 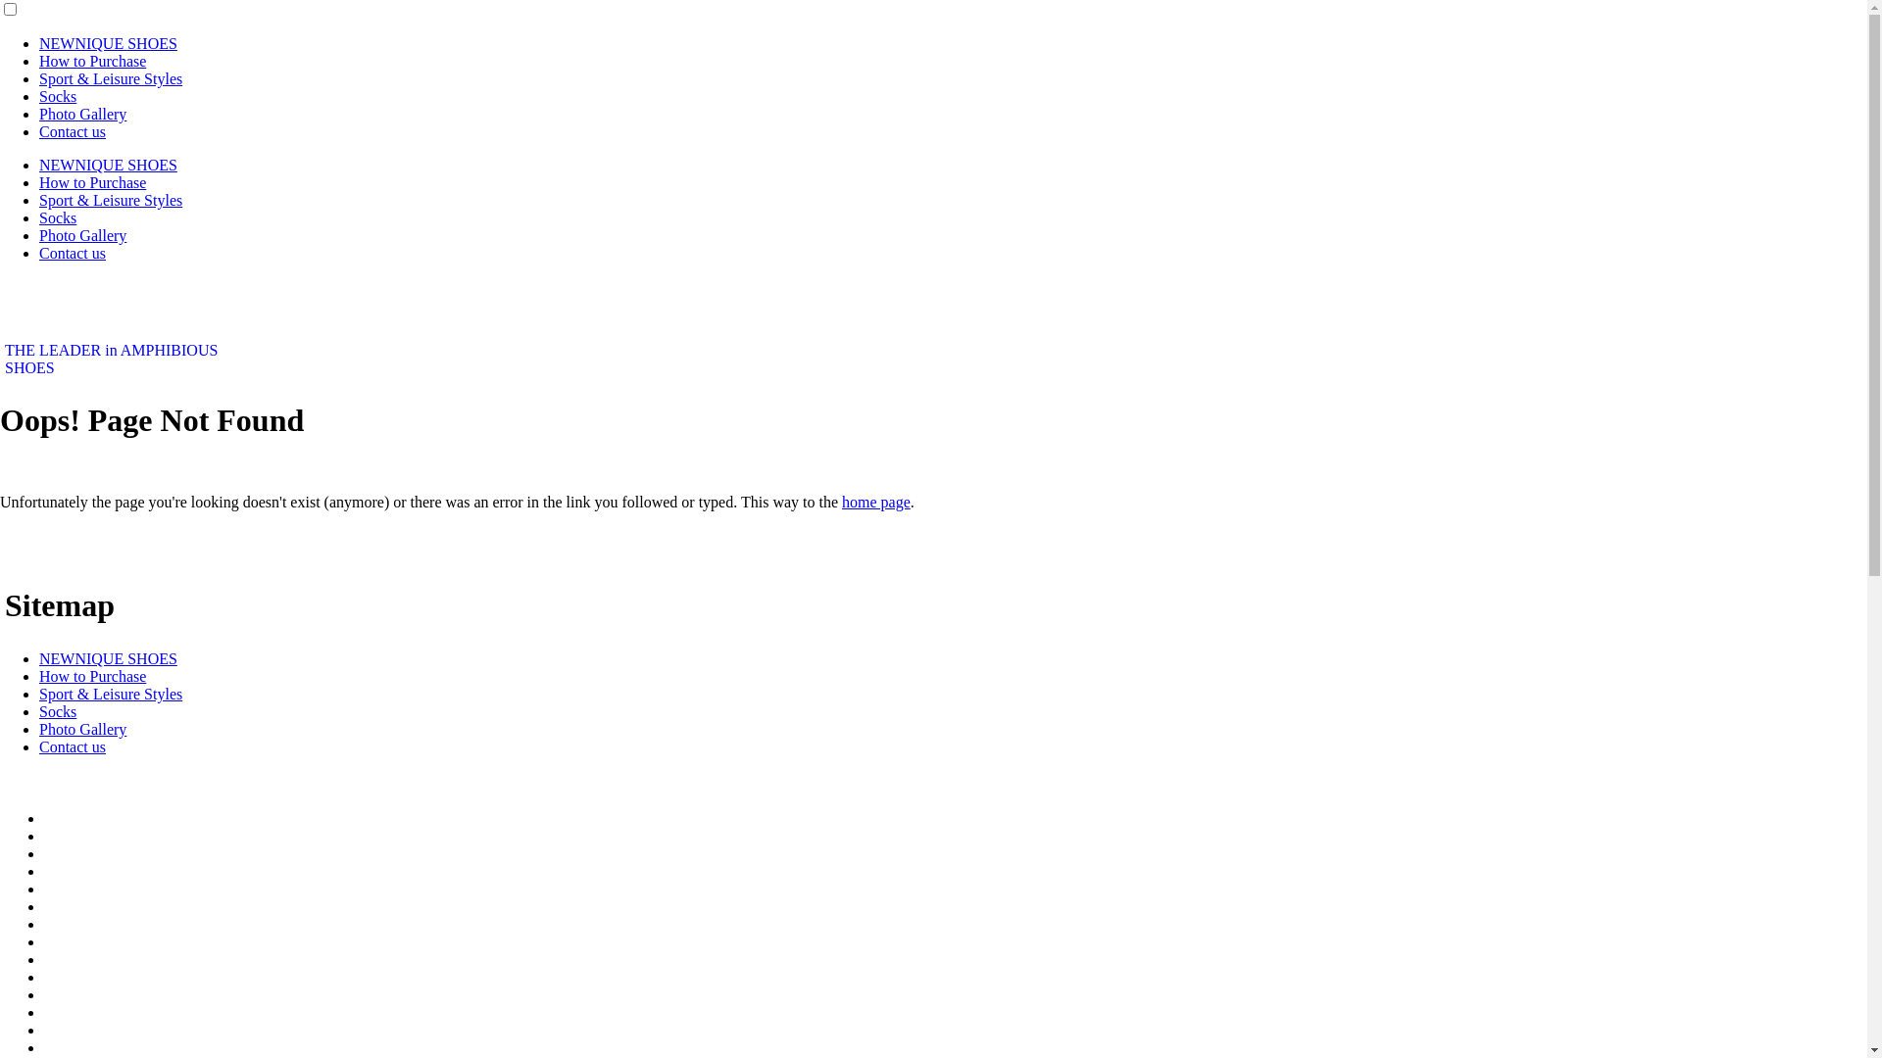 What do you see at coordinates (38, 675) in the screenshot?
I see `'How to Purchase'` at bounding box center [38, 675].